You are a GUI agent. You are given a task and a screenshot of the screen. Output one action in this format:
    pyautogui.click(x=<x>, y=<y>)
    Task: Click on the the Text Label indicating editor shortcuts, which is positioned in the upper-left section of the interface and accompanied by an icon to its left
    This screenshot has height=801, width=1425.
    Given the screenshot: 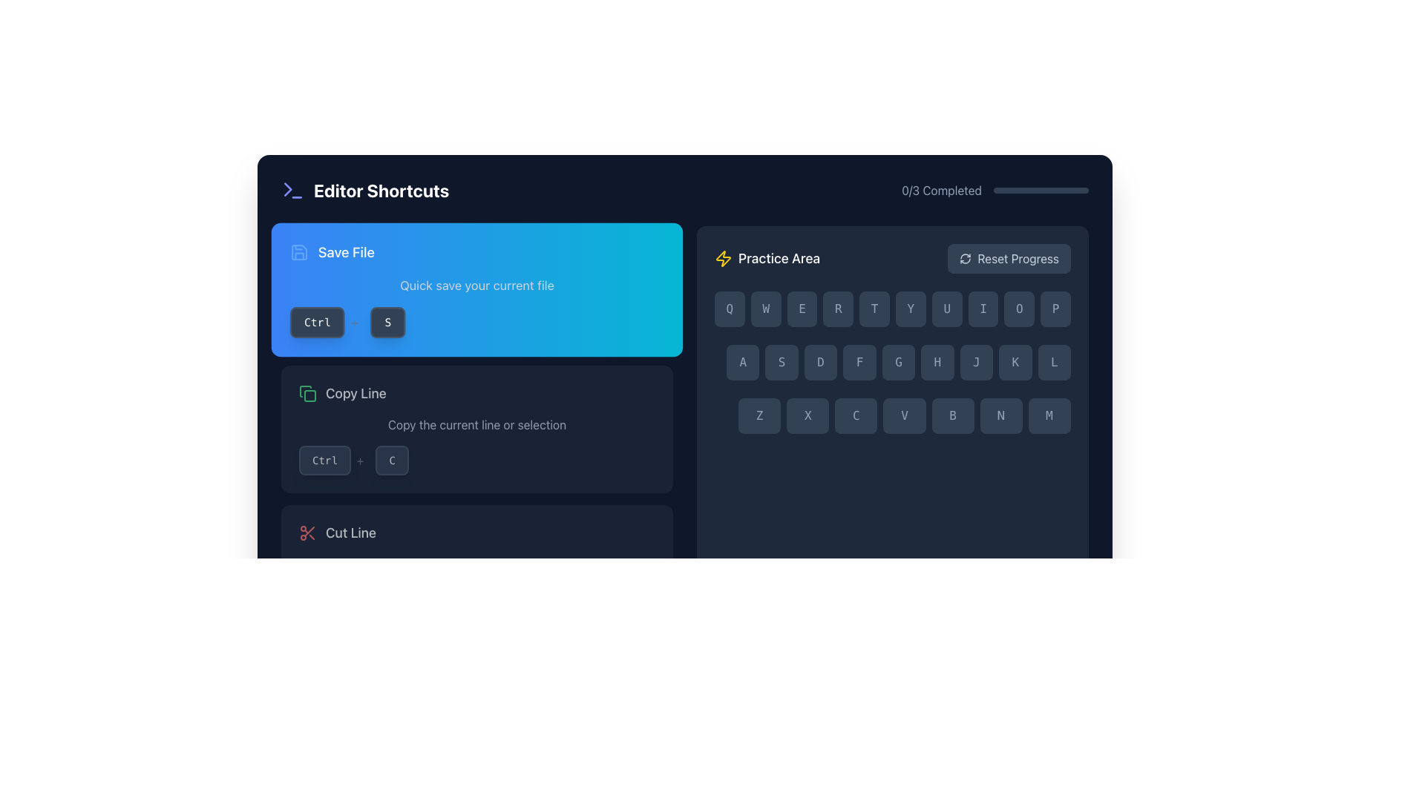 What is the action you would take?
    pyautogui.click(x=381, y=190)
    